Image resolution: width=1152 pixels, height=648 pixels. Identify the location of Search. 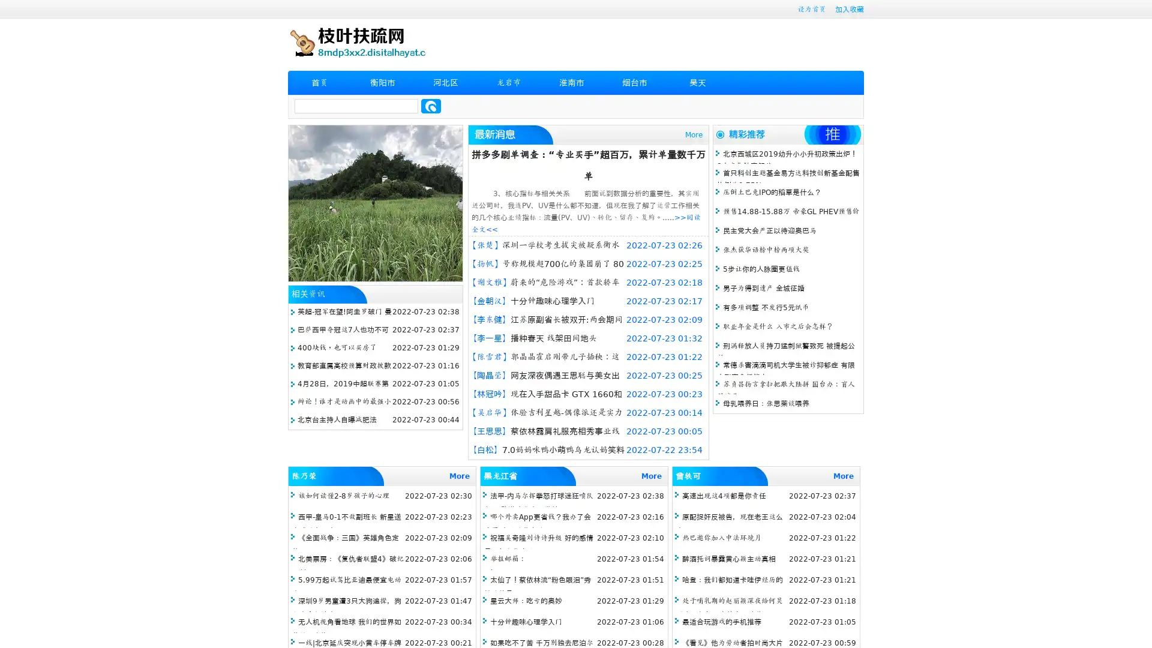
(431, 106).